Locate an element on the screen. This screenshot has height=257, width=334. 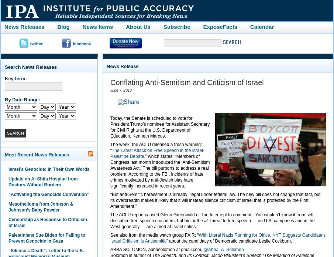
'Most Recent News Releases' is located at coordinates (37, 155).